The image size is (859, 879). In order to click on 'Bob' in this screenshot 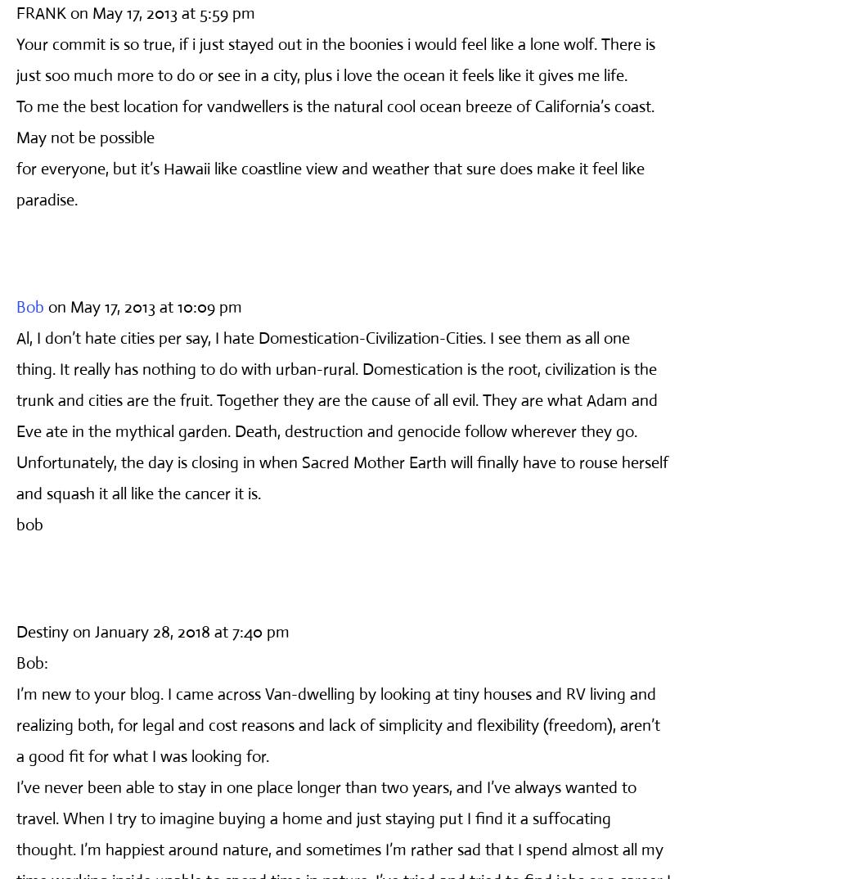, I will do `click(29, 305)`.